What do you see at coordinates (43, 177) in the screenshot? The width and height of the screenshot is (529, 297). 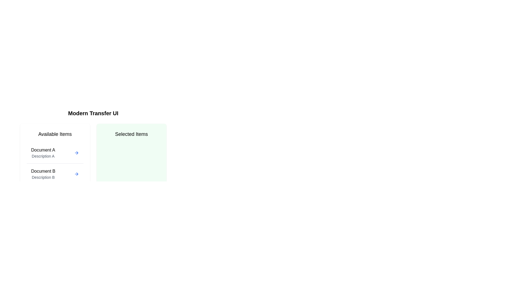 I see `the Text label providing information related to 'Document B', which is positioned below the 'Document B' sibling element in the 'Available Items' section` at bounding box center [43, 177].